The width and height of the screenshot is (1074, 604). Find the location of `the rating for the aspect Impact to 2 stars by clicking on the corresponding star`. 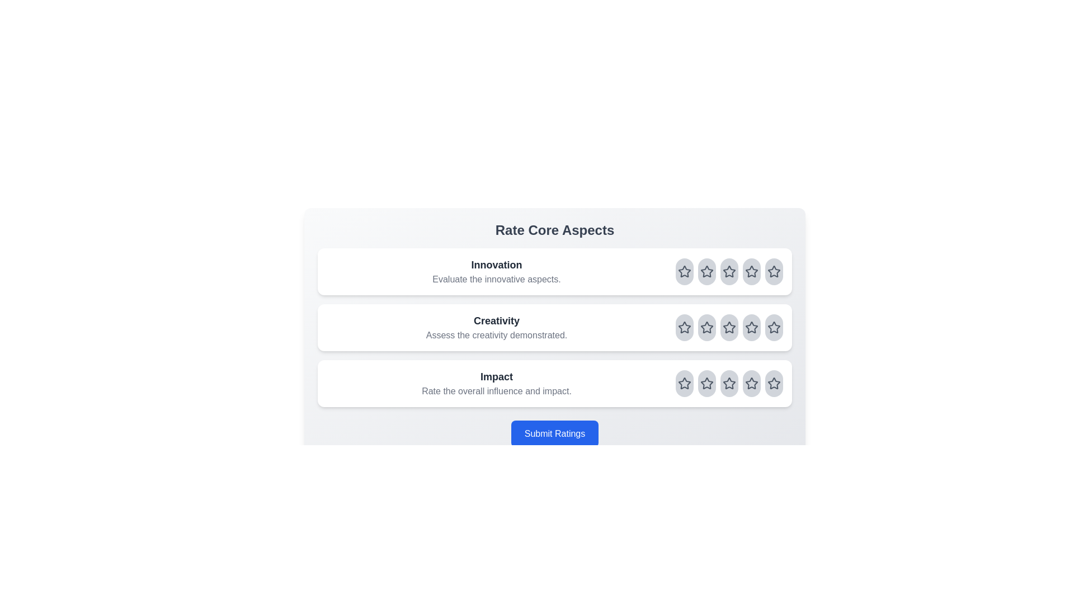

the rating for the aspect Impact to 2 stars by clicking on the corresponding star is located at coordinates (706, 383).